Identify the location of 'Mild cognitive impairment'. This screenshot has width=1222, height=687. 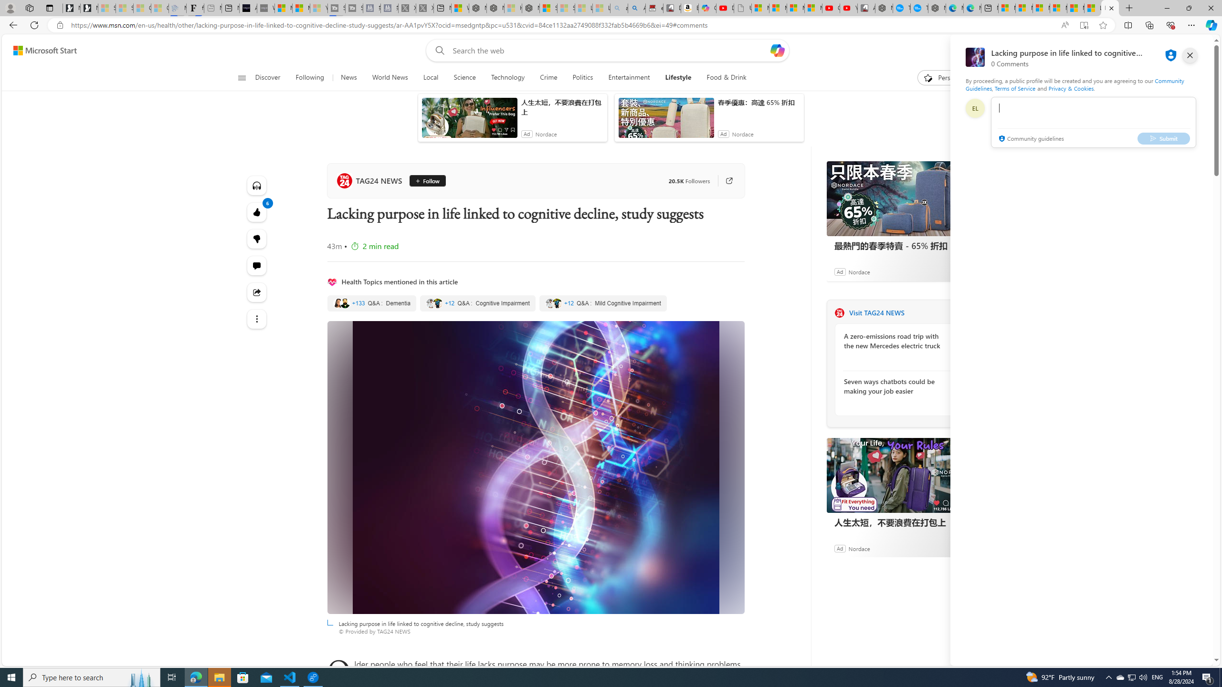
(603, 303).